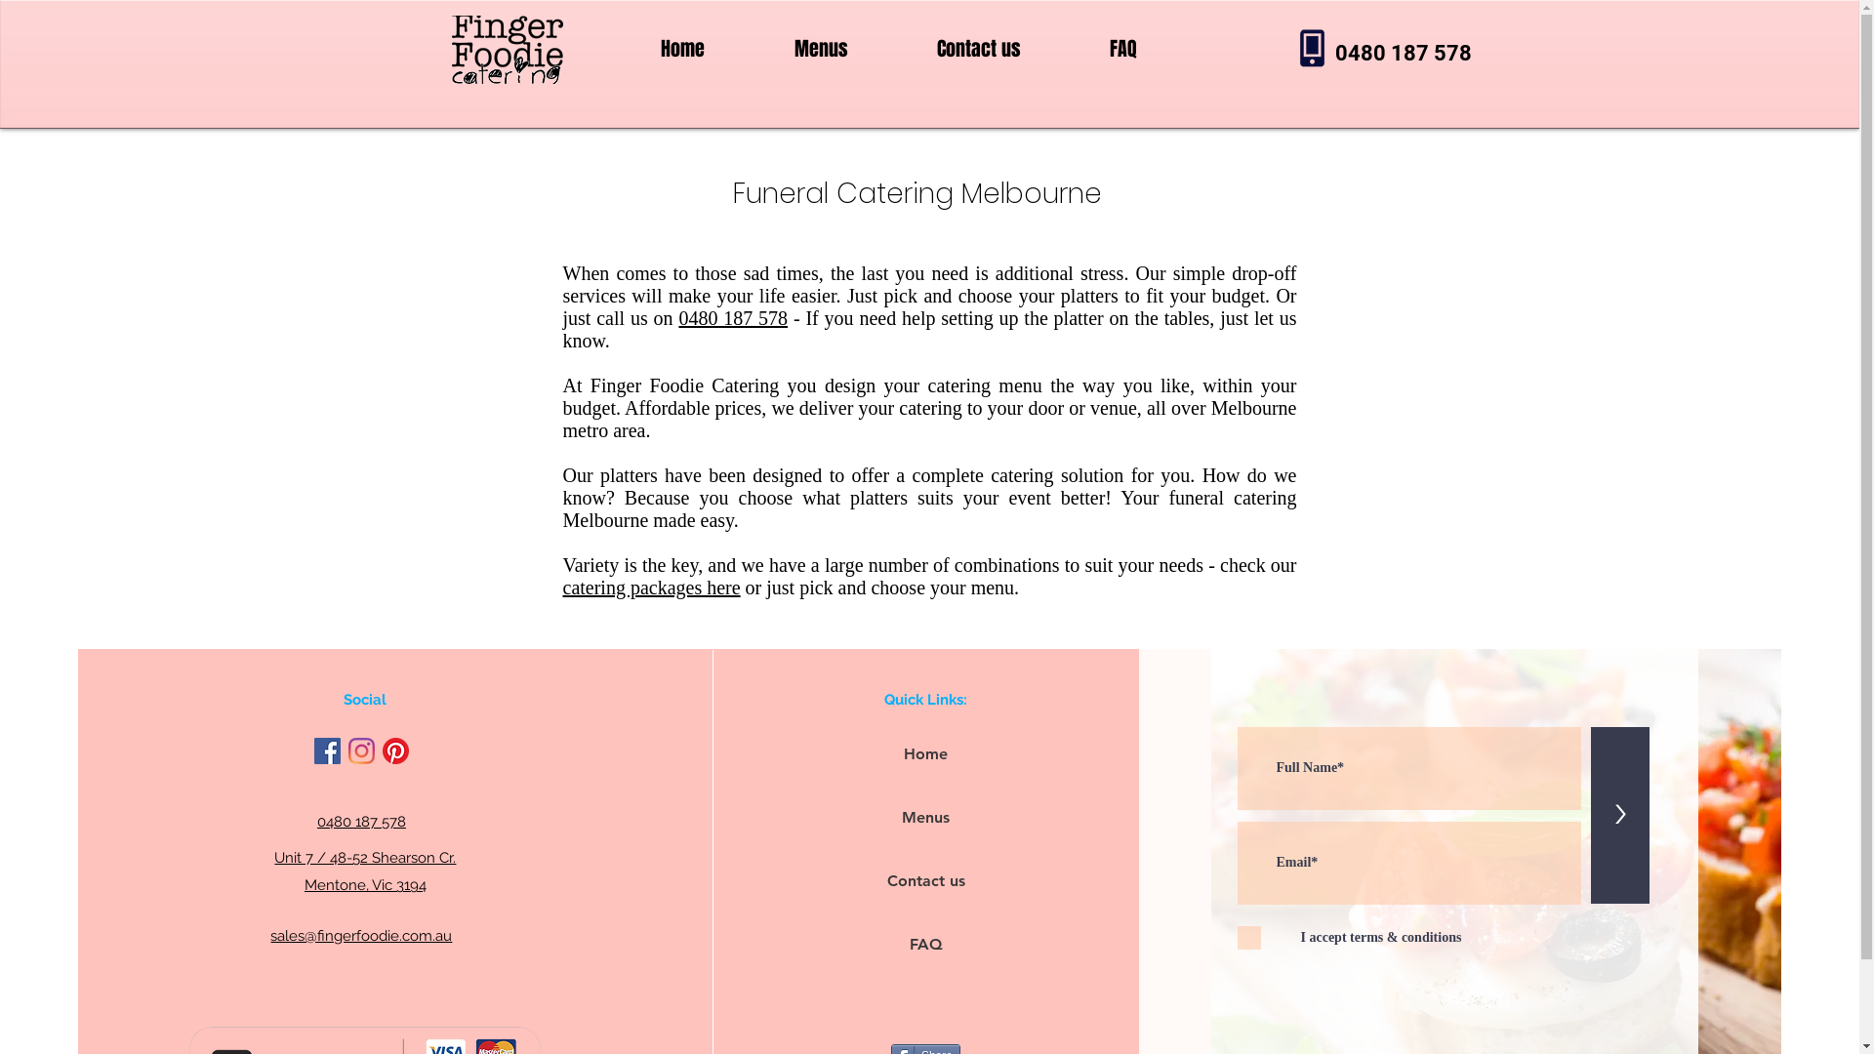 The image size is (1874, 1054). What do you see at coordinates (925, 944) in the screenshot?
I see `'FAQ'` at bounding box center [925, 944].